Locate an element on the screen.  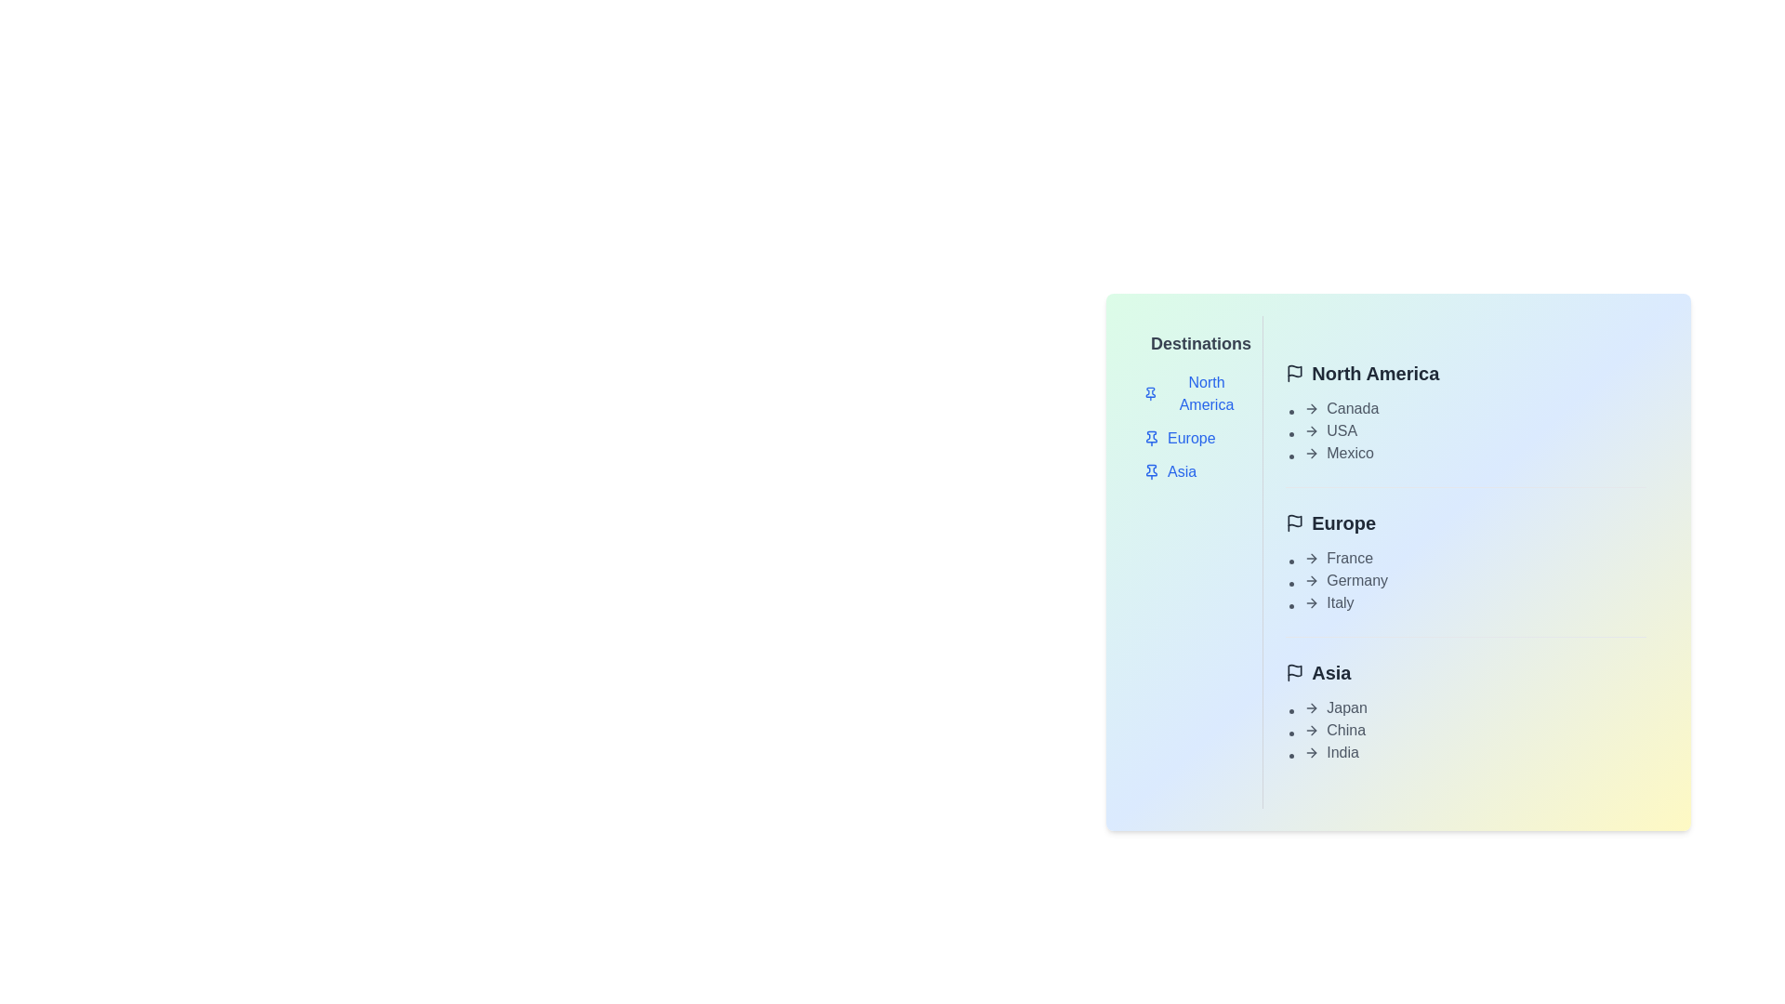
the stylized flag icon representing the 'North America' section in the Destinations panel, which is part of an icon-text pair aligned to the left of the 'North America' title is located at coordinates (1294, 371).